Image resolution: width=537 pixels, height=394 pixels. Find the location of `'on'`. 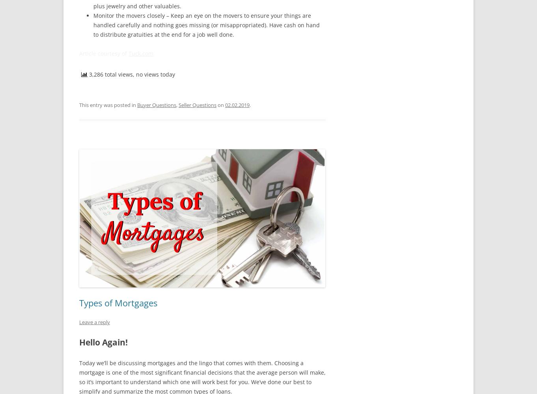

'on' is located at coordinates (216, 104).